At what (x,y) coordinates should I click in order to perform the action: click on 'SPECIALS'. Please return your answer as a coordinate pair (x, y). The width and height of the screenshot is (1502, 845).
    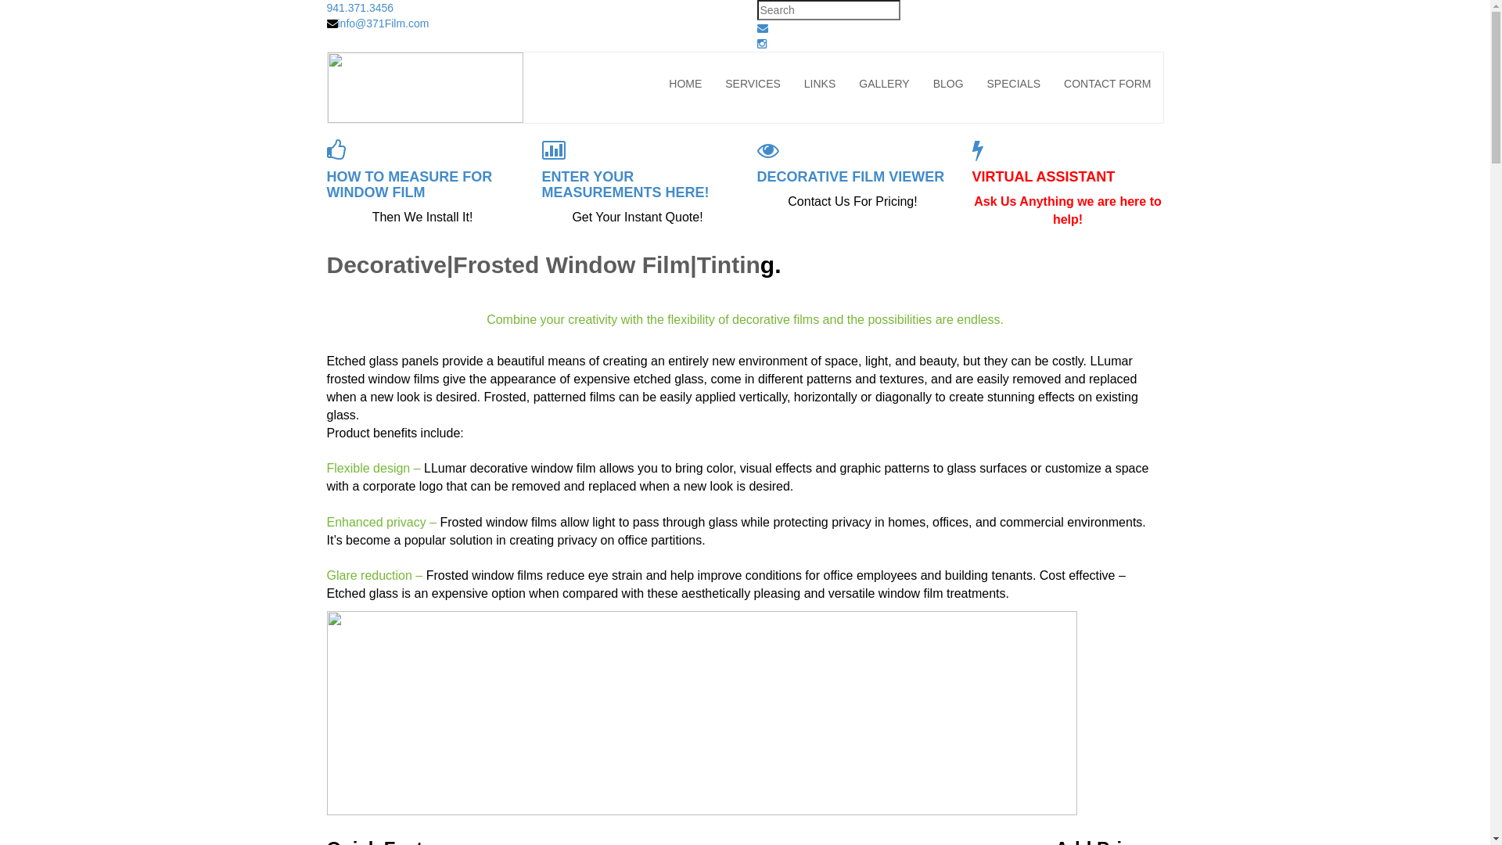
    Looking at the image, I should click on (1014, 84).